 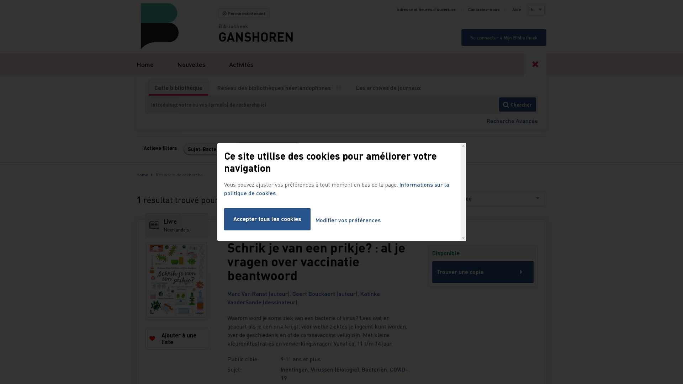 What do you see at coordinates (535, 64) in the screenshot?
I see `'Toggle search'` at bounding box center [535, 64].